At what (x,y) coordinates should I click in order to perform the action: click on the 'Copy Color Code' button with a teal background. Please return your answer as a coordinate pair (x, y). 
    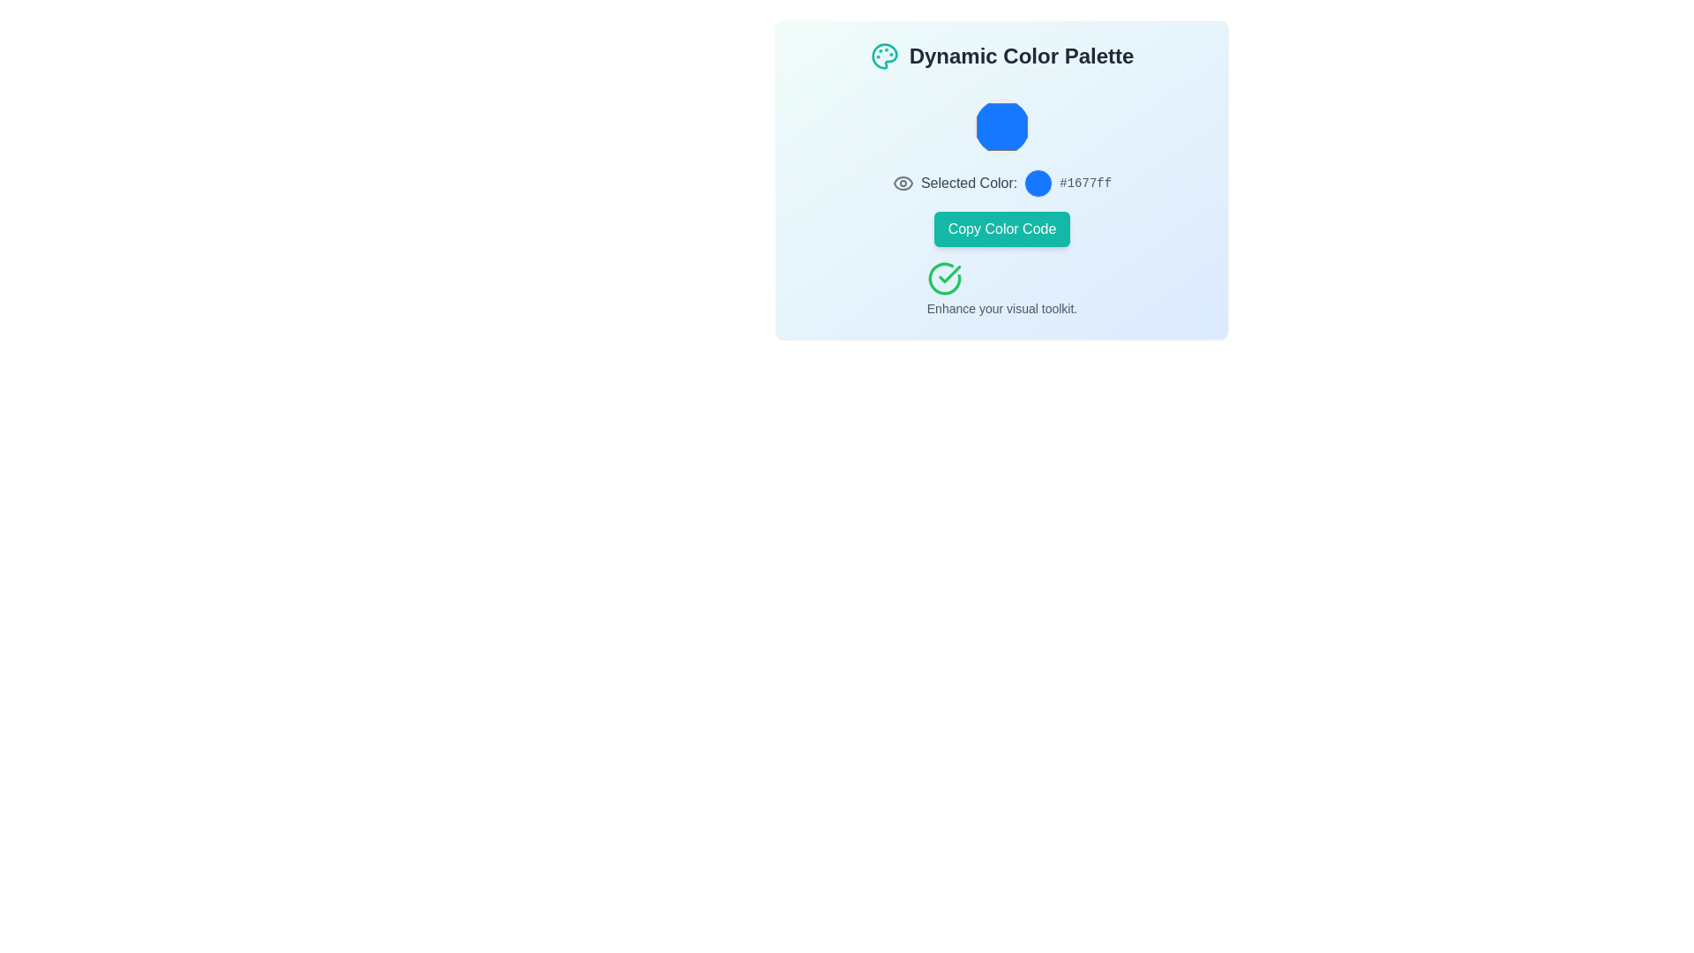
    Looking at the image, I should click on (1002, 228).